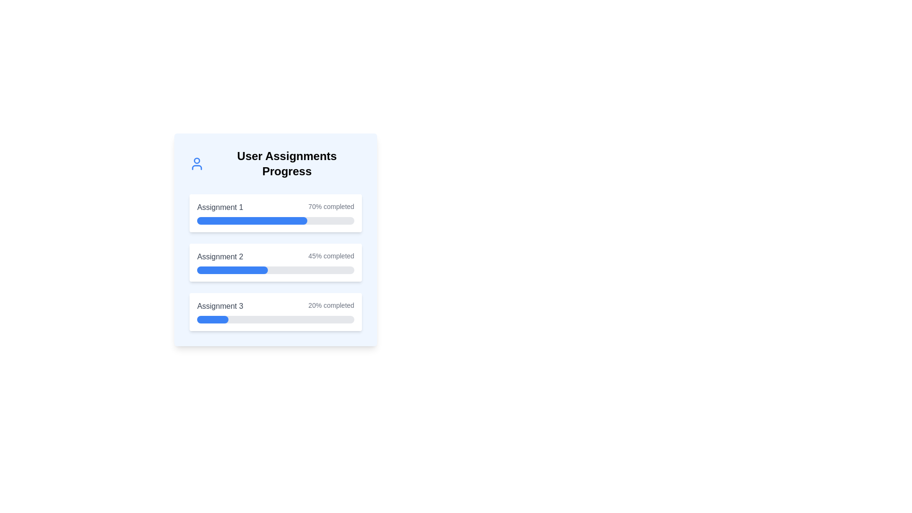 Image resolution: width=912 pixels, height=513 pixels. I want to click on the progress visually by focusing on the progress bar located directly below the 'Assignment 1' heading, which shows '70% completed', so click(275, 221).